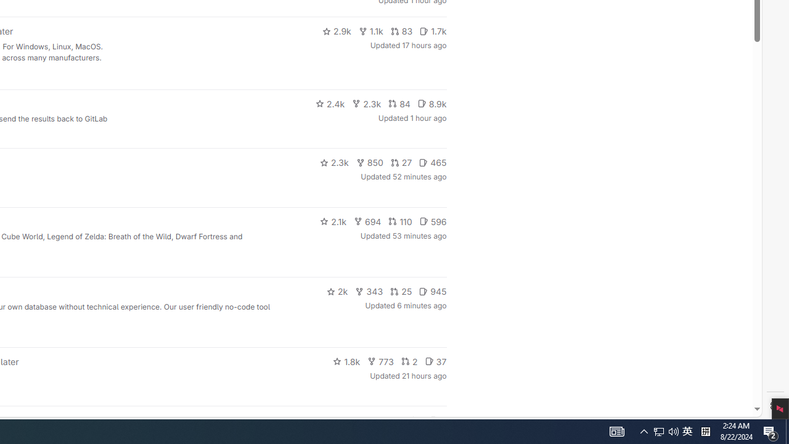  Describe the element at coordinates (380, 361) in the screenshot. I see `'773'` at that location.